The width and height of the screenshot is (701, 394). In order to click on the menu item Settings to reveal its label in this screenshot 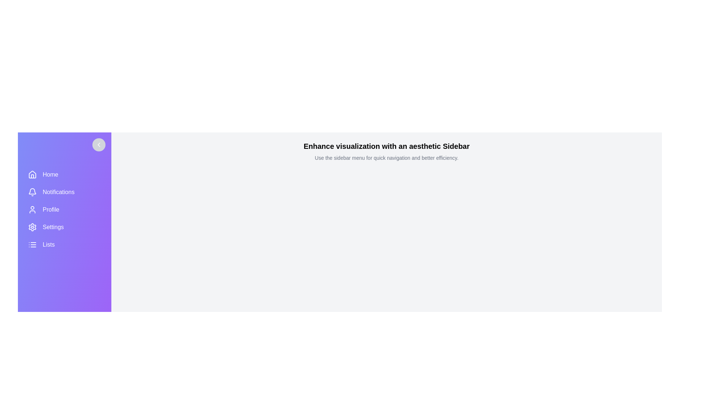, I will do `click(65, 227)`.